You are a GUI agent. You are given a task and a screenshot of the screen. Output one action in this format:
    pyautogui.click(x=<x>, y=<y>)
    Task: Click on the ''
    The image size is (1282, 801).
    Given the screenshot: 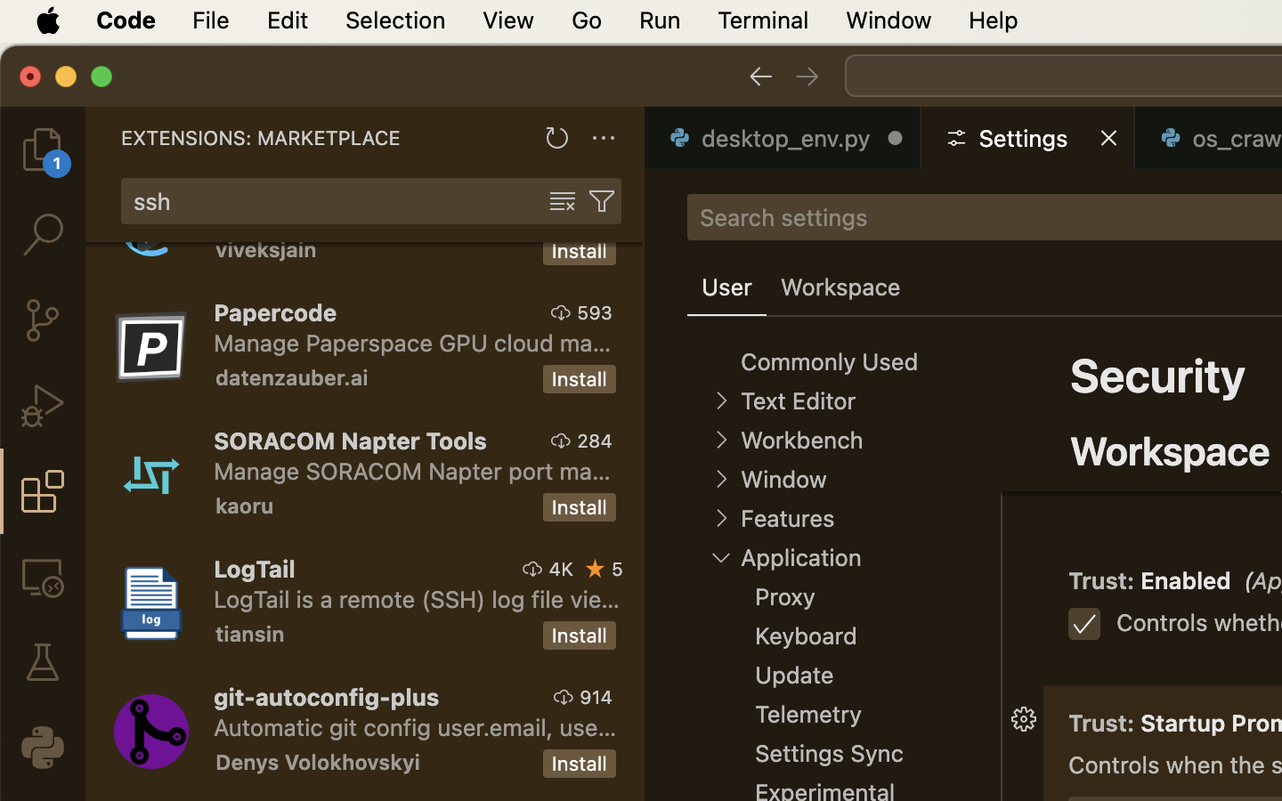 What is the action you would take?
    pyautogui.click(x=721, y=439)
    